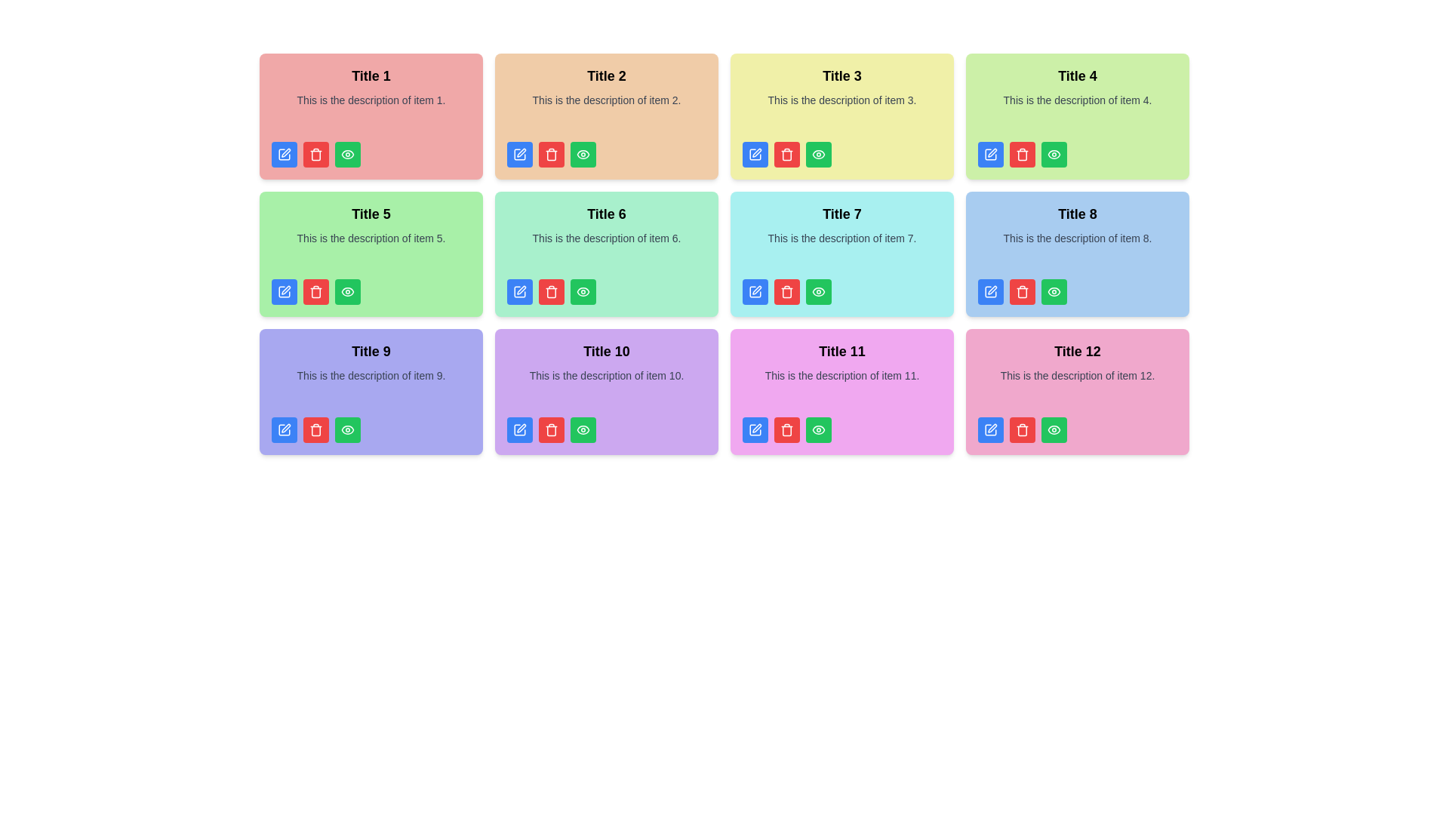 The height and width of the screenshot is (815, 1449). I want to click on the icon button located in the bottom-left corner of the card titled 'Title 5' in the second row, so click(520, 291).